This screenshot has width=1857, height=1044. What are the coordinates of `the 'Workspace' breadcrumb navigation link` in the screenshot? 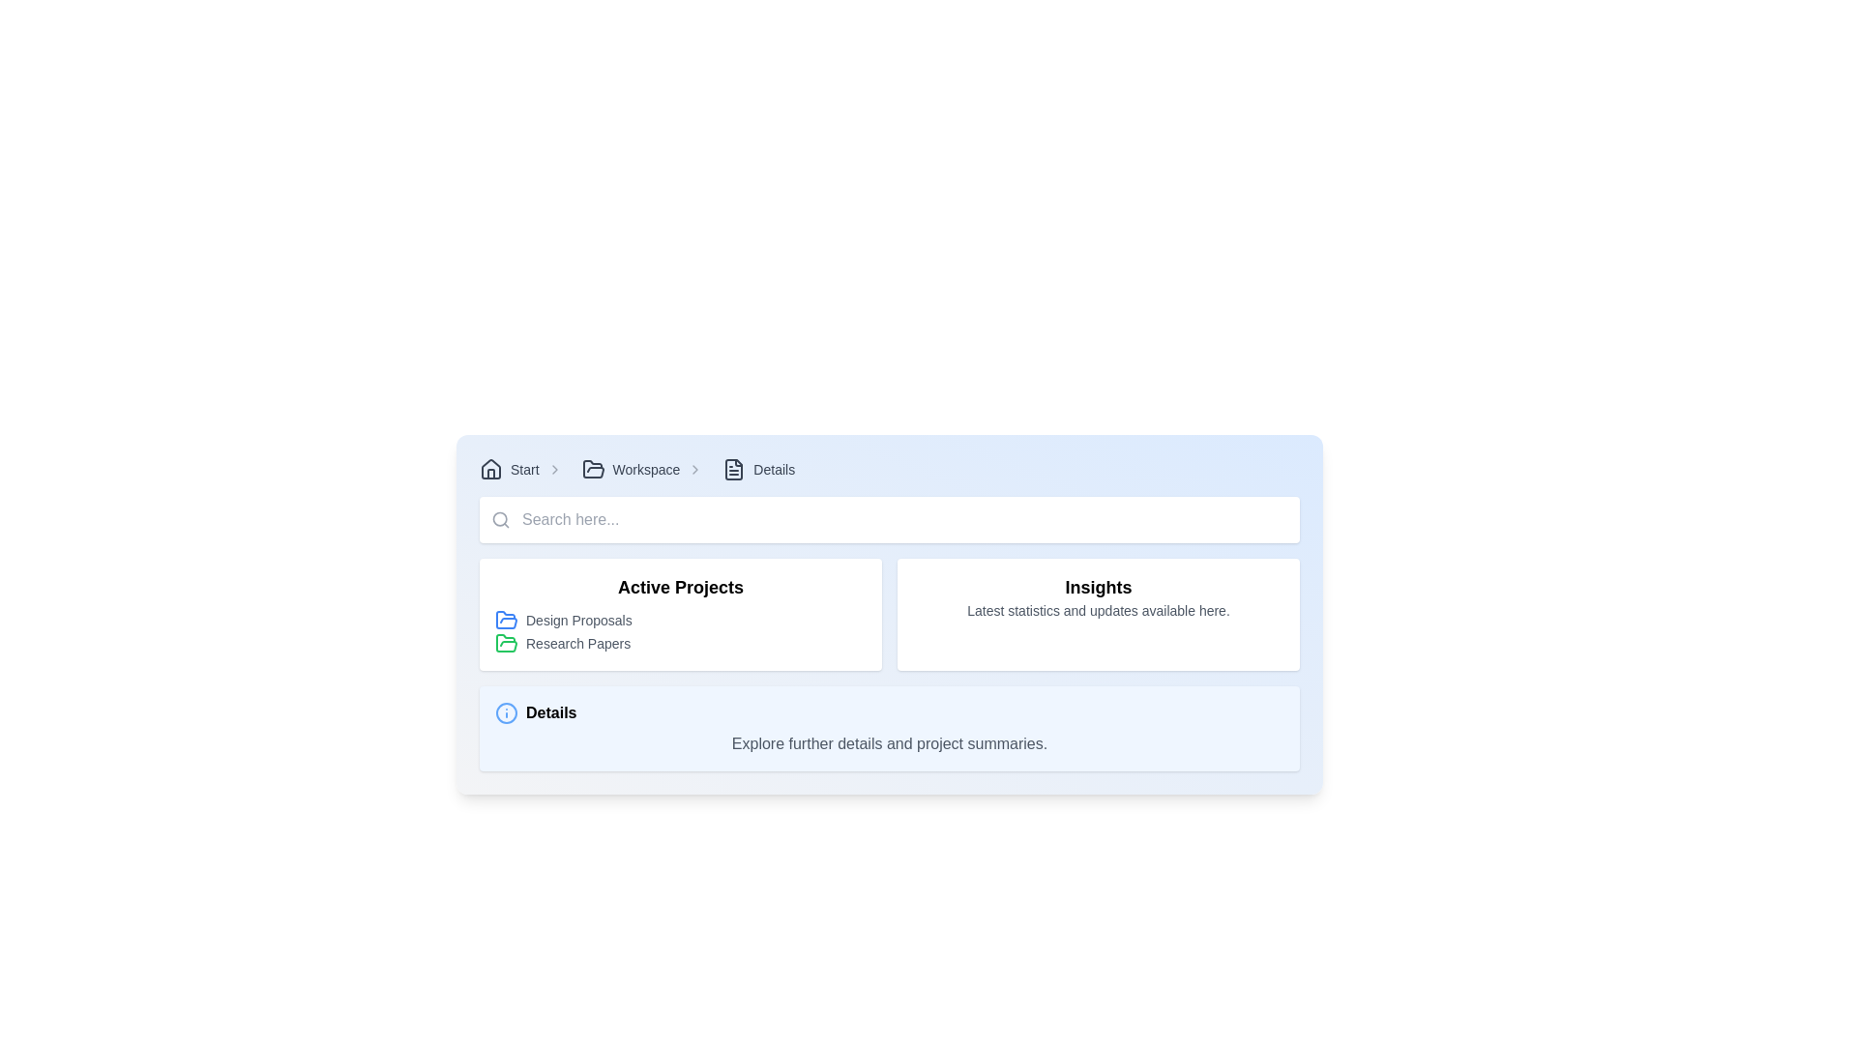 It's located at (646, 470).